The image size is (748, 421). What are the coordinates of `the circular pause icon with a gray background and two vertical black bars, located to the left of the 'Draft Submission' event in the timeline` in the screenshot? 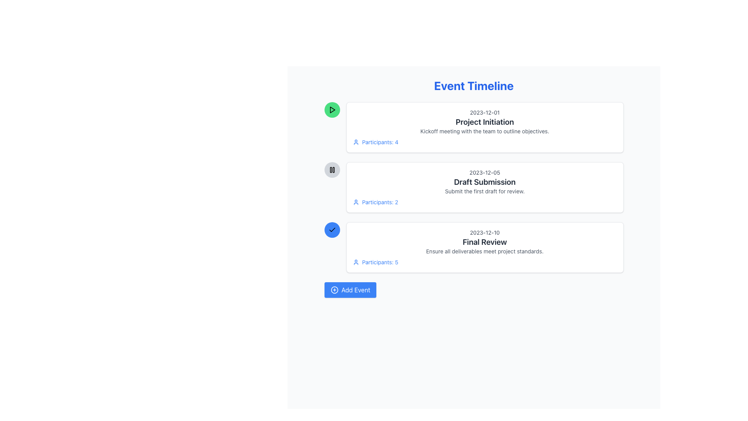 It's located at (332, 169).